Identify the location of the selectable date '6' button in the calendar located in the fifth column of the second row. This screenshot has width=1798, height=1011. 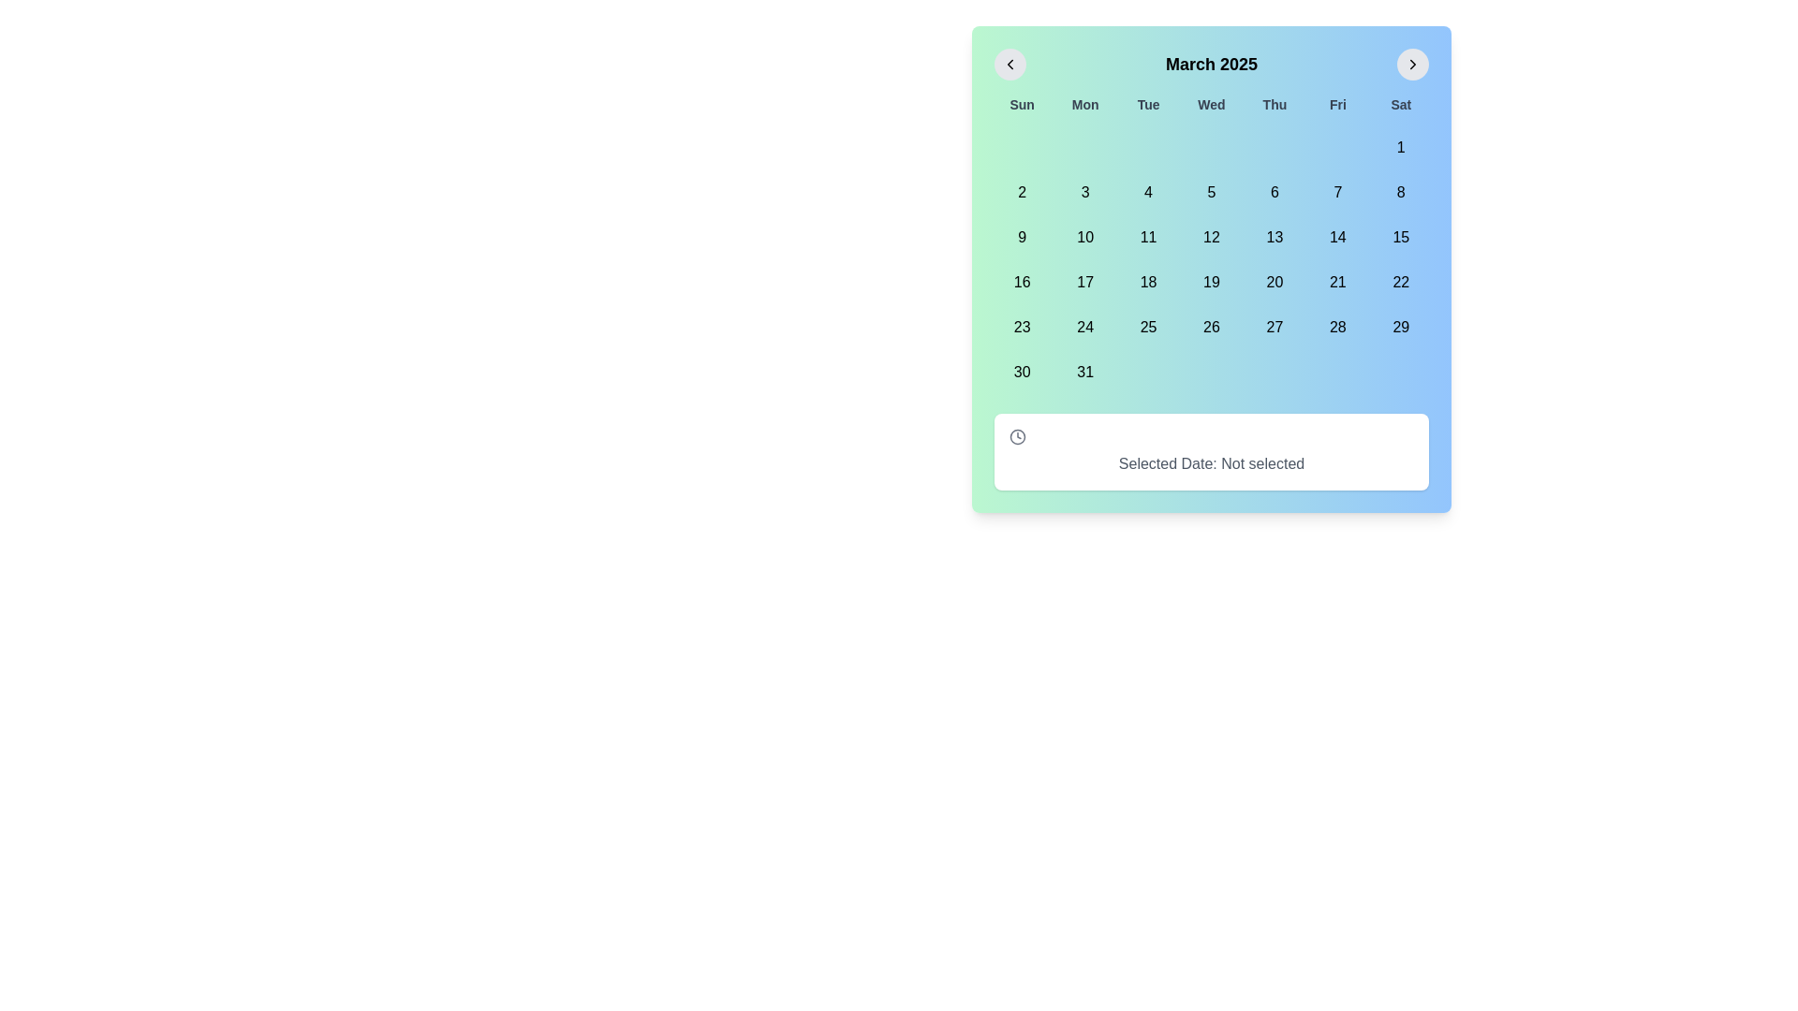
(1274, 192).